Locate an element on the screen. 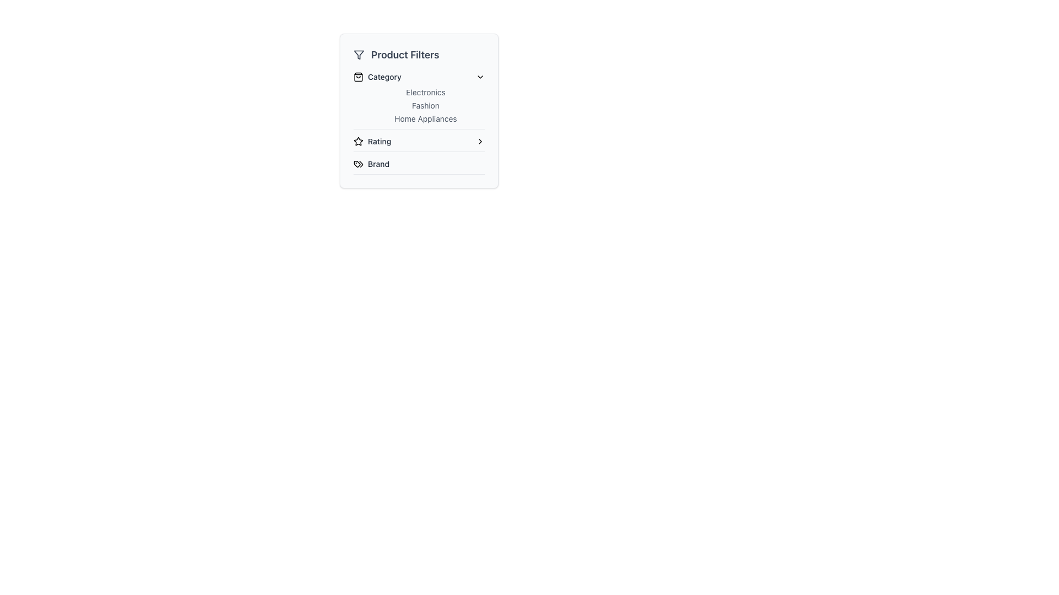 The height and width of the screenshot is (595, 1059). the 'Home Appliances' text label, which is the third entry in the vertical list under the 'Category' section is located at coordinates (425, 119).